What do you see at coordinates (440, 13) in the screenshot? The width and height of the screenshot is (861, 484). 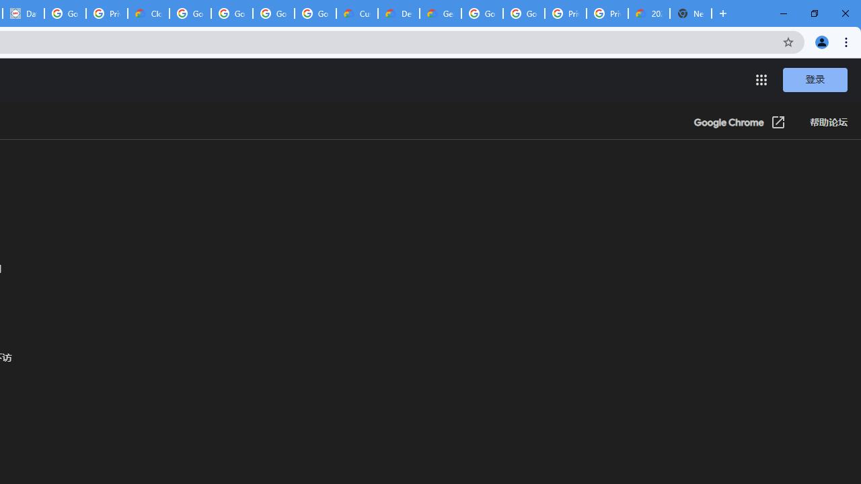 I see `'Gemini for Business and Developers | Google Cloud'` at bounding box center [440, 13].